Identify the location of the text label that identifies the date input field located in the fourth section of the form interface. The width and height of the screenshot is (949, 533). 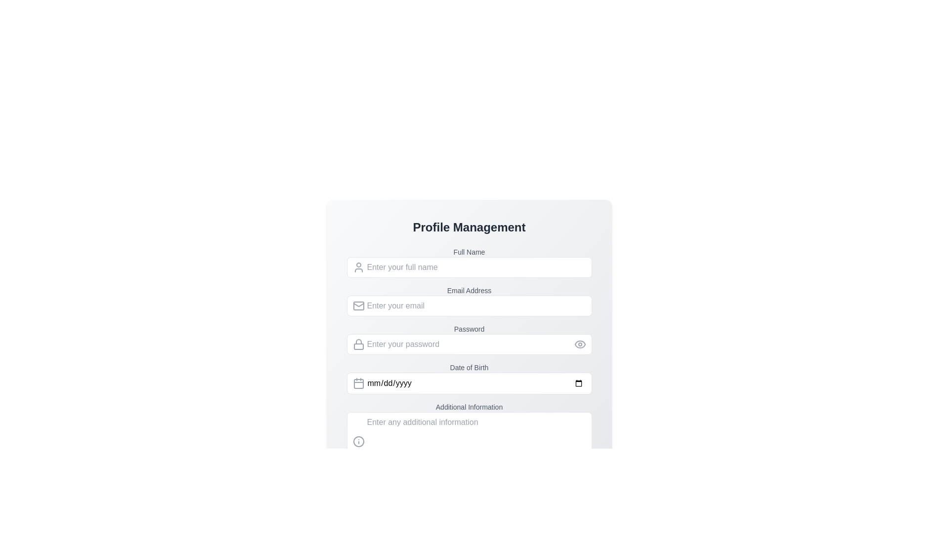
(469, 367).